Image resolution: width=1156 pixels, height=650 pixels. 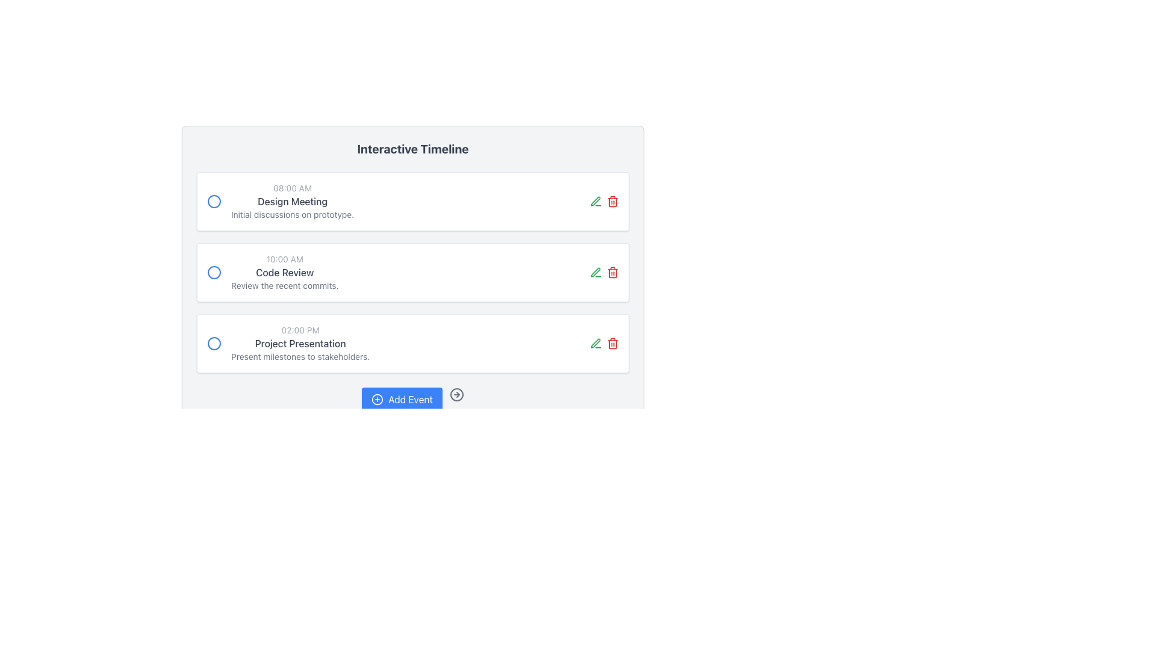 I want to click on the edit button icon (pen icon) located to the right of the description and time text of the second timeline item, so click(x=595, y=201).